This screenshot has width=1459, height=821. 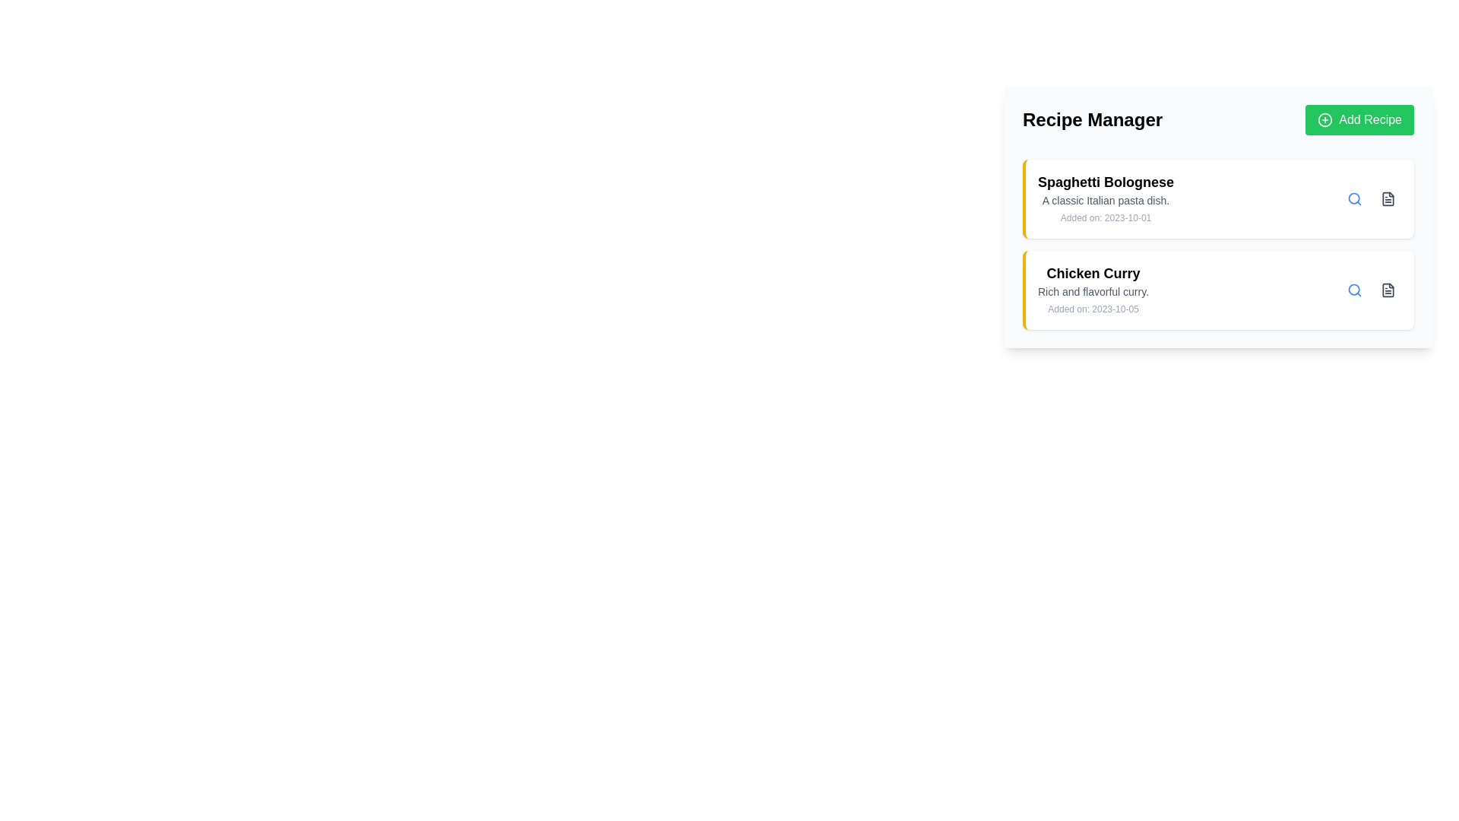 What do you see at coordinates (1388, 198) in the screenshot?
I see `the second button with a file-oriented icon located in the right section of the 'Spaghetti Bolognese' card` at bounding box center [1388, 198].